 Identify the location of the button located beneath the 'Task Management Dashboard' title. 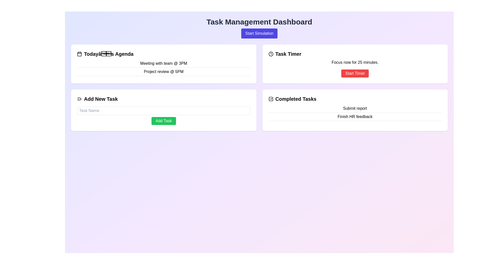
(259, 33).